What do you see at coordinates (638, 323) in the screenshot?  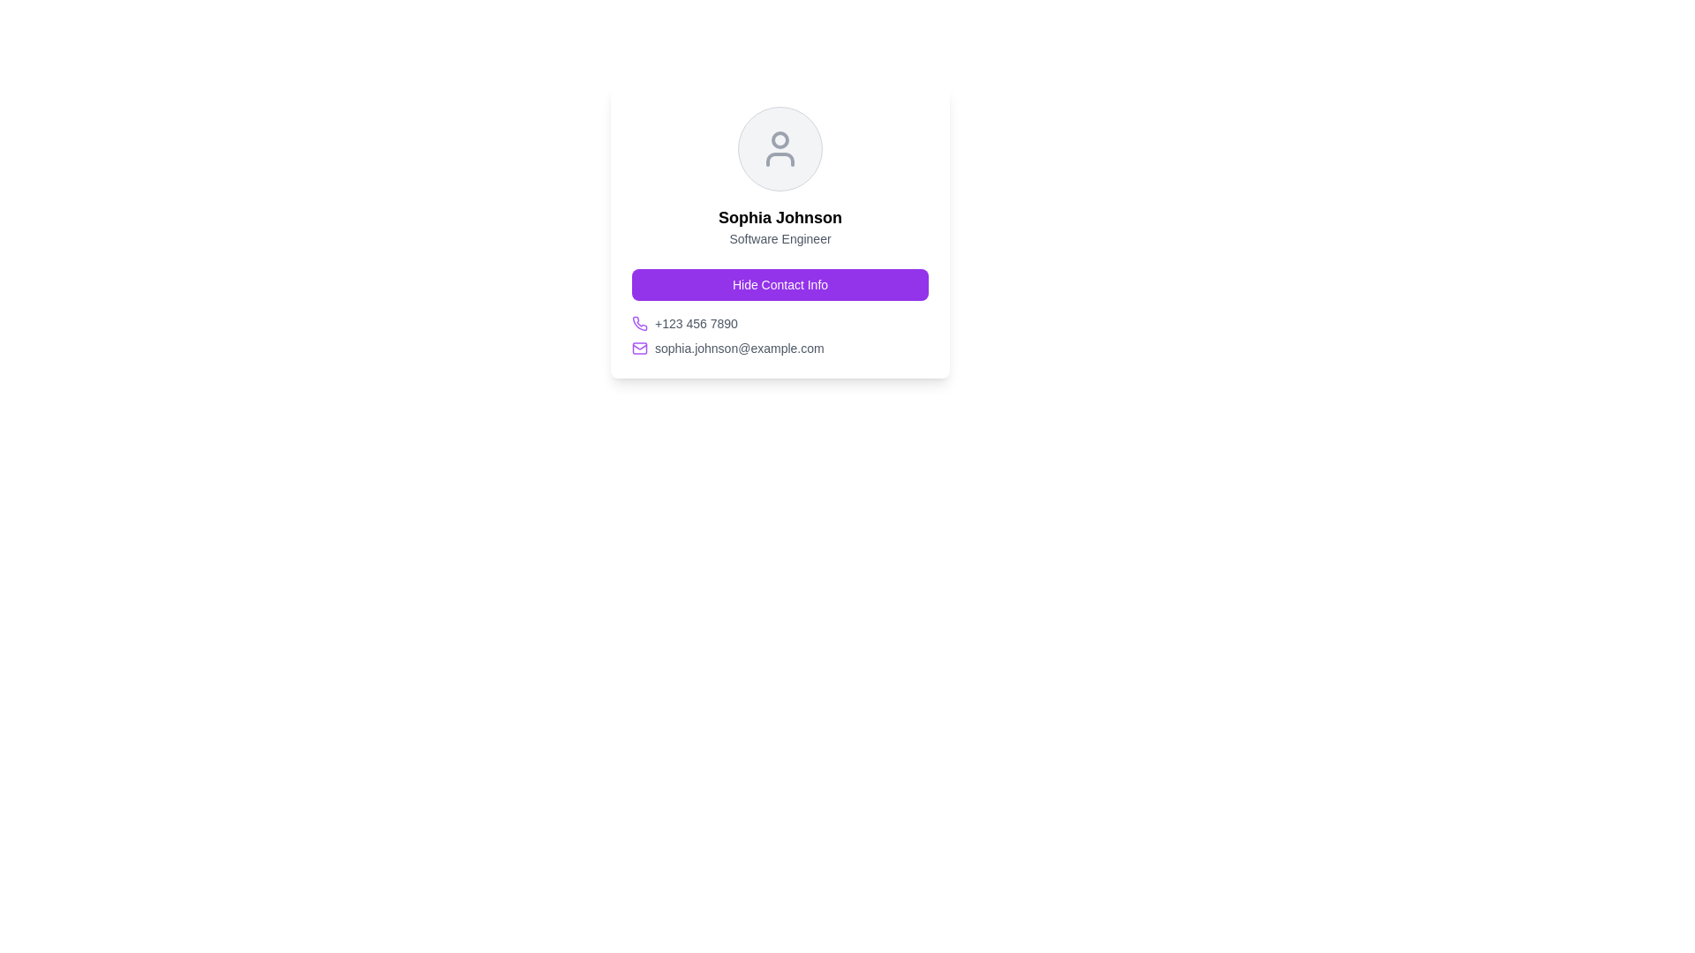 I see `the purple phone icon located in the contact card, which is directly to the left of the phone number '+123 456 7890'` at bounding box center [638, 323].